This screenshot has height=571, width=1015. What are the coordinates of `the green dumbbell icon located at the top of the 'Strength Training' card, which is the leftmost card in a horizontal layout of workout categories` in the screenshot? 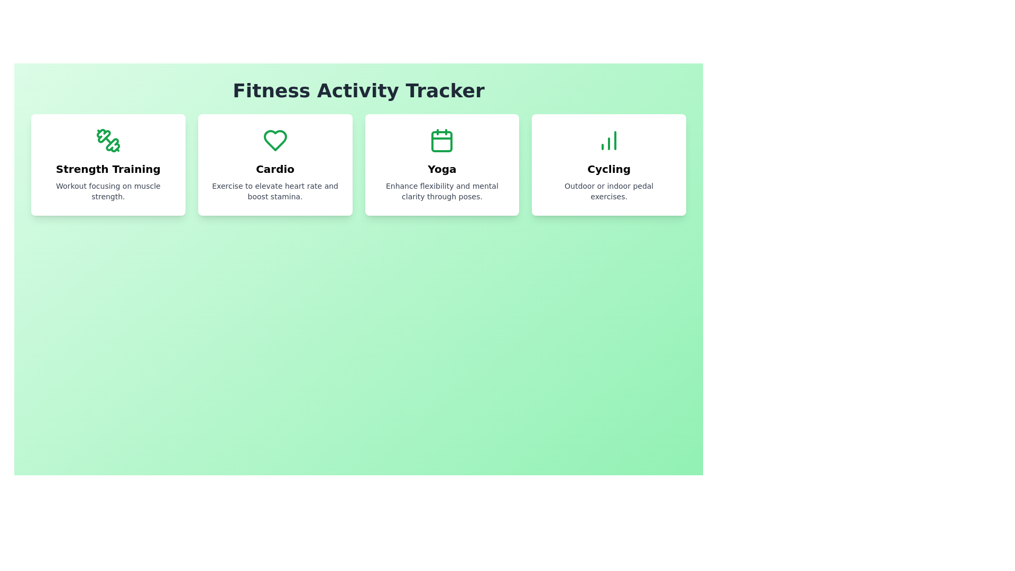 It's located at (108, 140).